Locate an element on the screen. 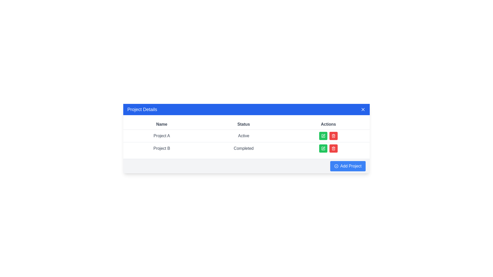 The width and height of the screenshot is (493, 277). the green button with rounded edges and a pencil icon located in the 'Actions' column of the first row in the 'Project Details' table to change its color is located at coordinates (323, 135).